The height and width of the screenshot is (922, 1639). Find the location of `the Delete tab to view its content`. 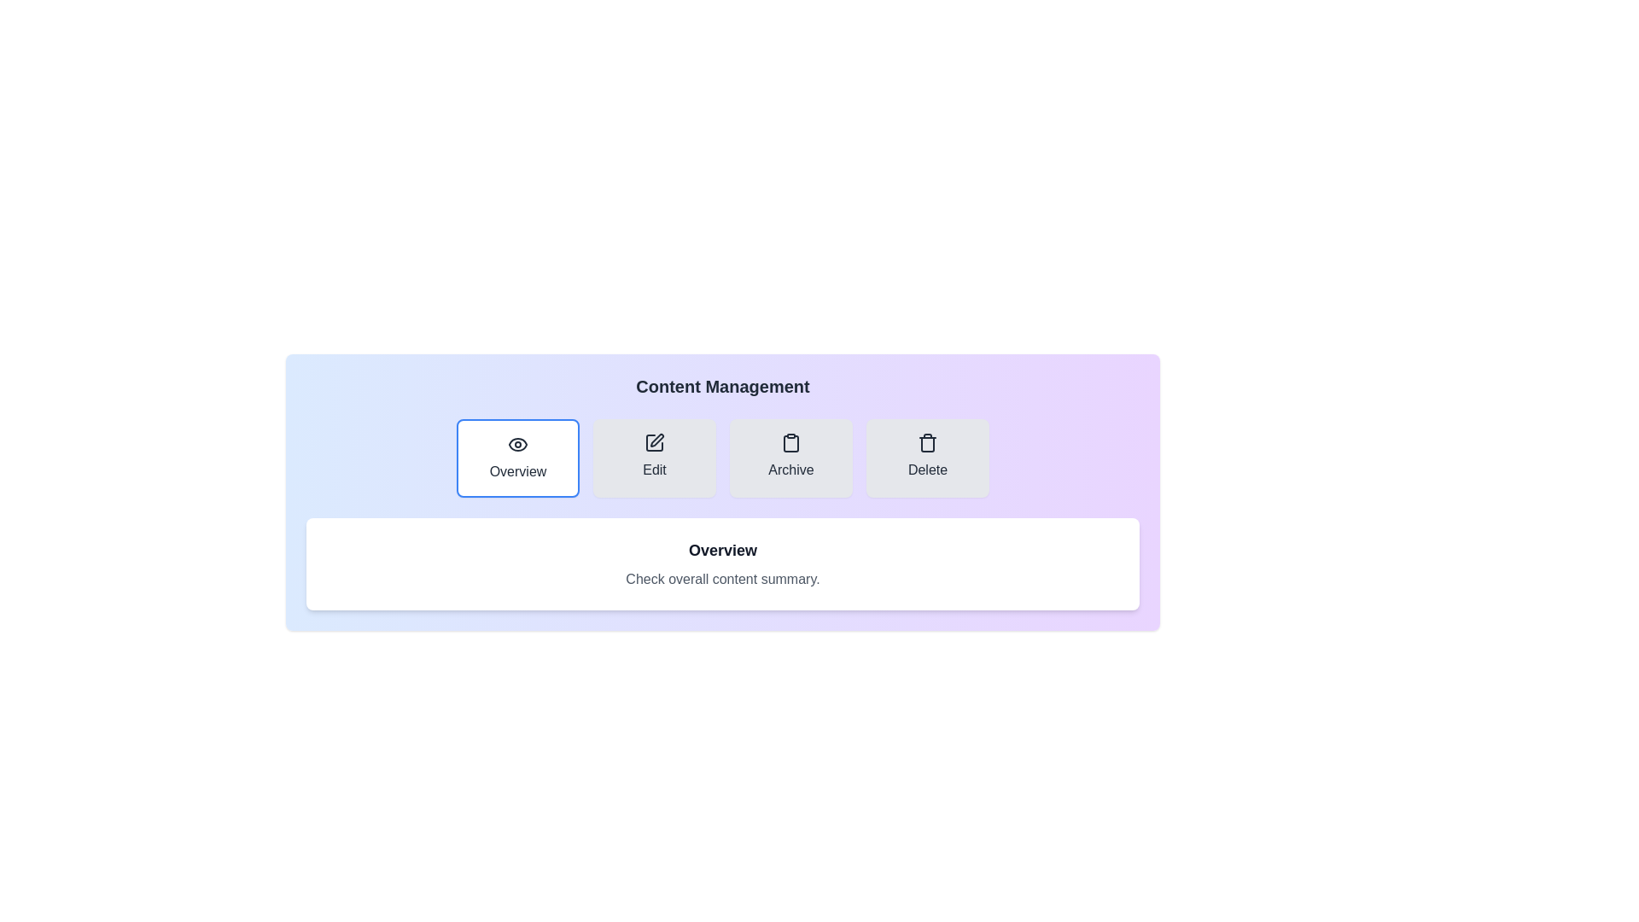

the Delete tab to view its content is located at coordinates (926, 457).